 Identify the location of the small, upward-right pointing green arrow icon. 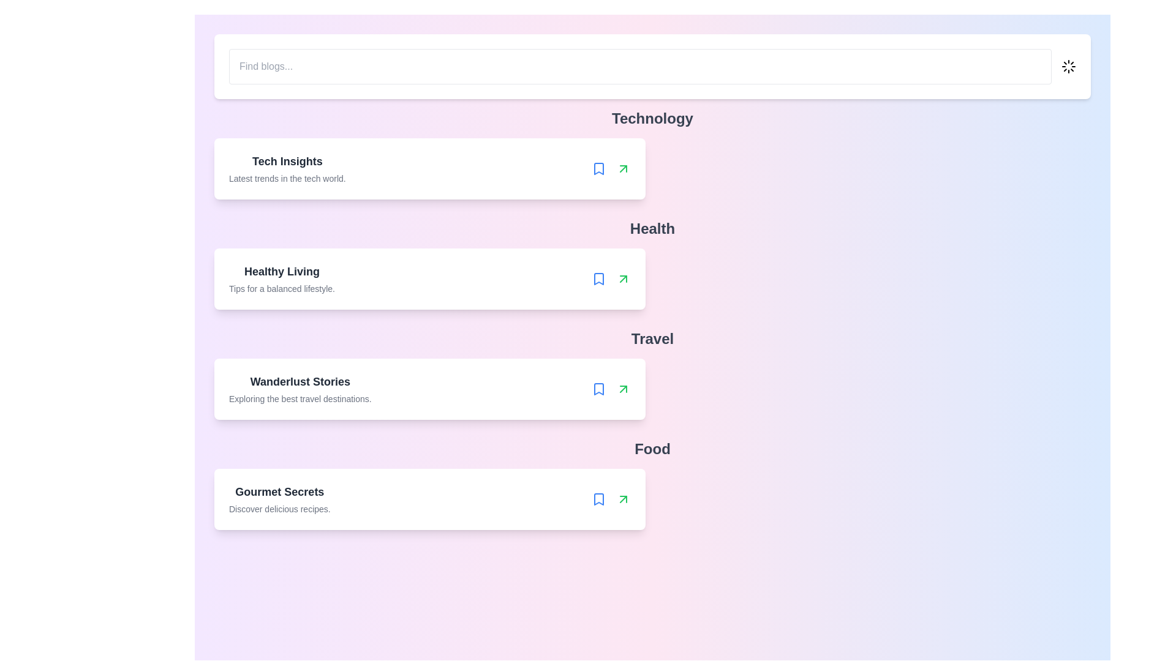
(623, 169).